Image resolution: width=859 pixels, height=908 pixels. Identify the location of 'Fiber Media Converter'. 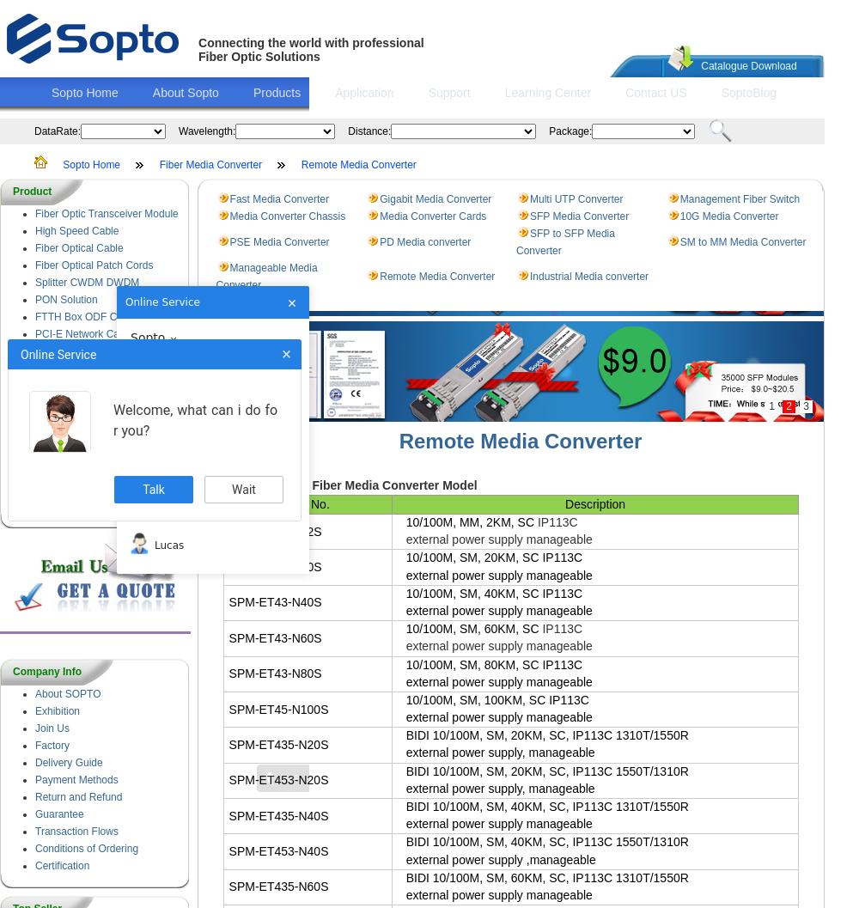
(210, 163).